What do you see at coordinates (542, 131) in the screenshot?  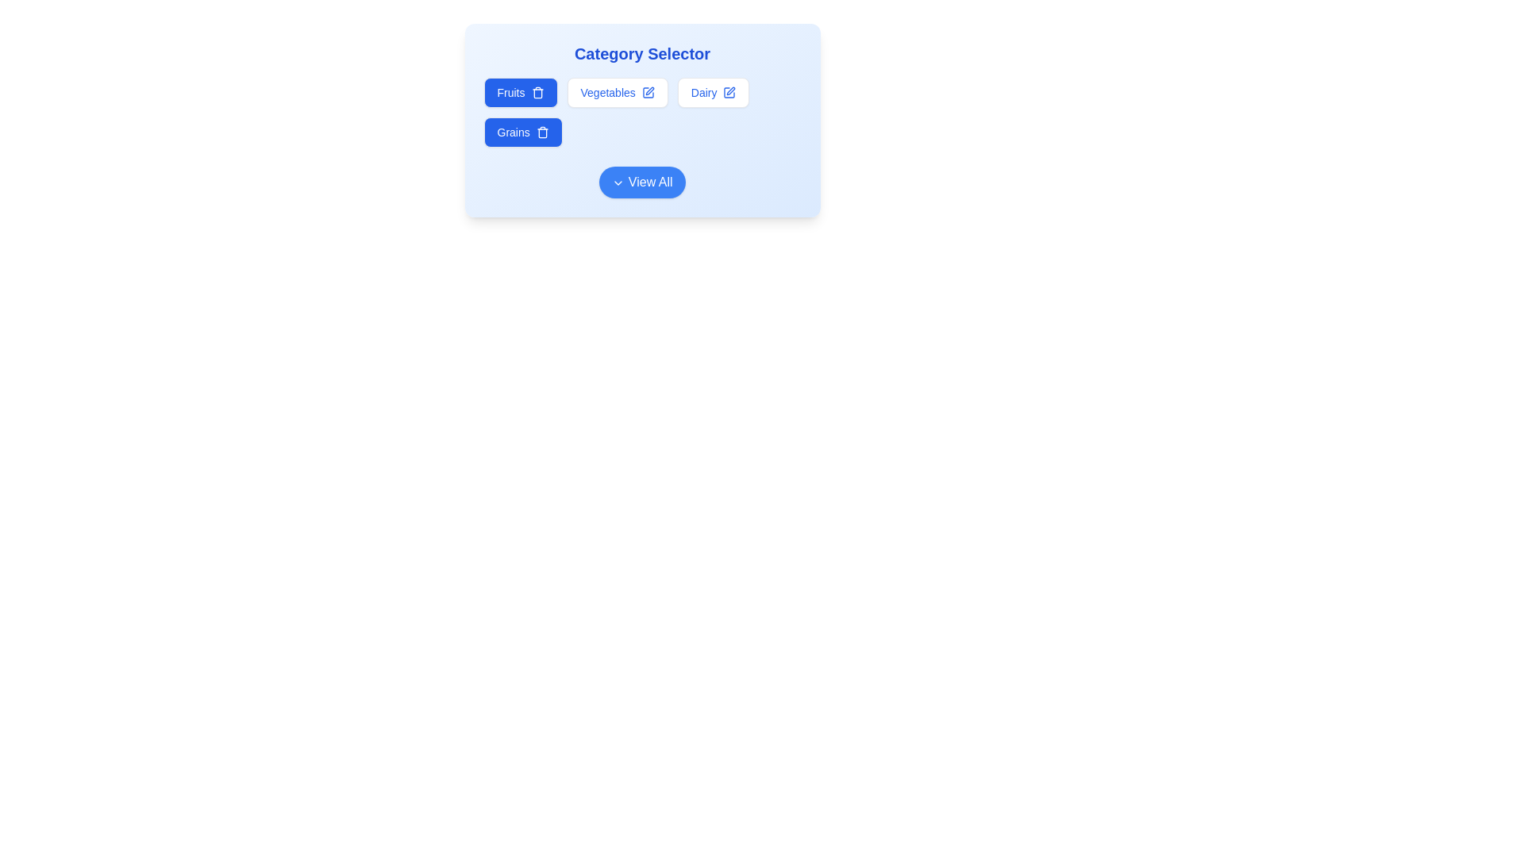 I see `trash icon to deselect the category Grains` at bounding box center [542, 131].